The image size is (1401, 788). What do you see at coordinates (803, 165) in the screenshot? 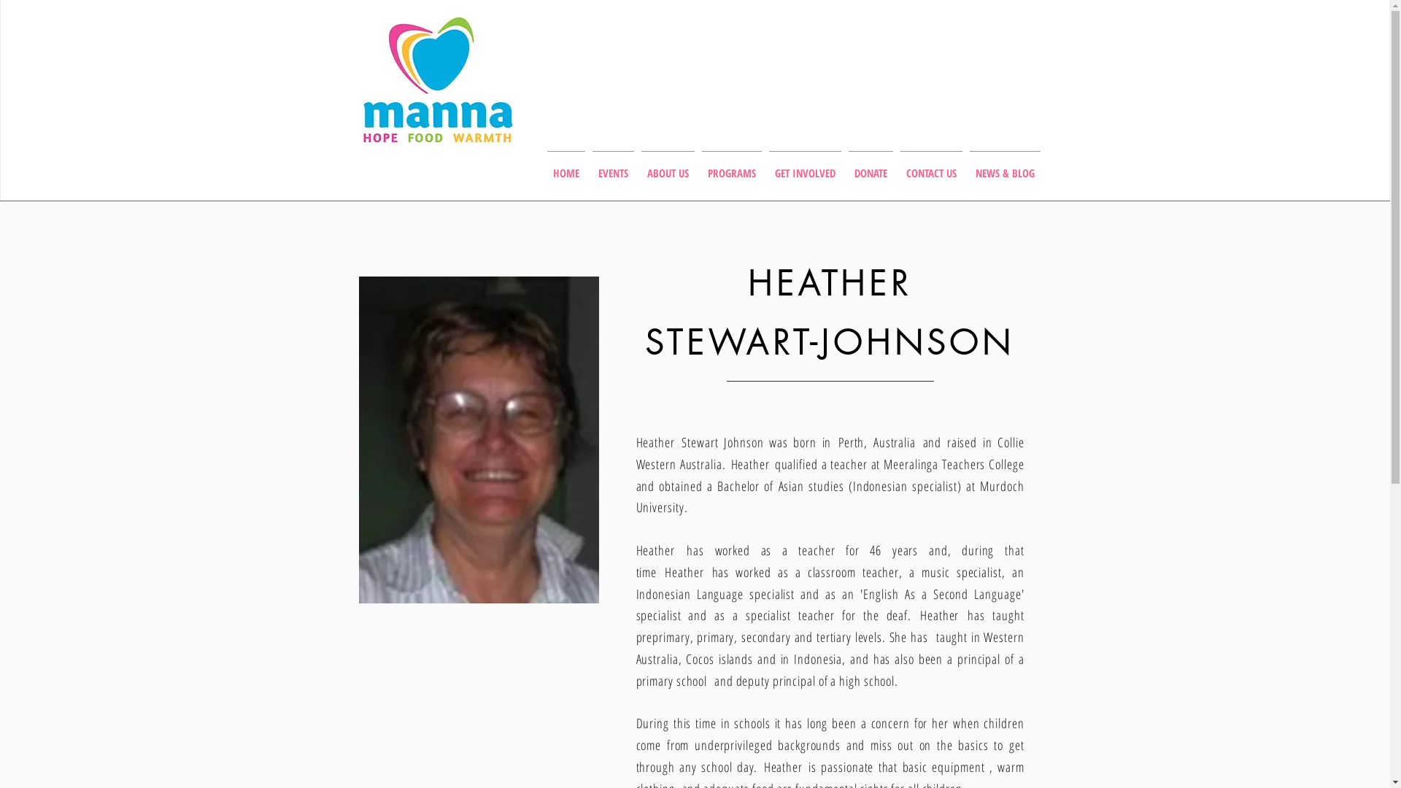
I see `'GET INVOLVED'` at bounding box center [803, 165].